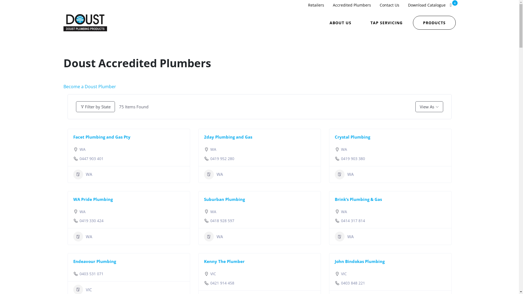  Describe the element at coordinates (353, 158) in the screenshot. I see `'0419 903 380'` at that location.